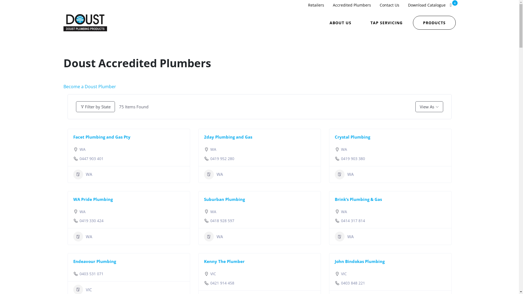  Describe the element at coordinates (353, 158) in the screenshot. I see `'0419 903 380'` at that location.